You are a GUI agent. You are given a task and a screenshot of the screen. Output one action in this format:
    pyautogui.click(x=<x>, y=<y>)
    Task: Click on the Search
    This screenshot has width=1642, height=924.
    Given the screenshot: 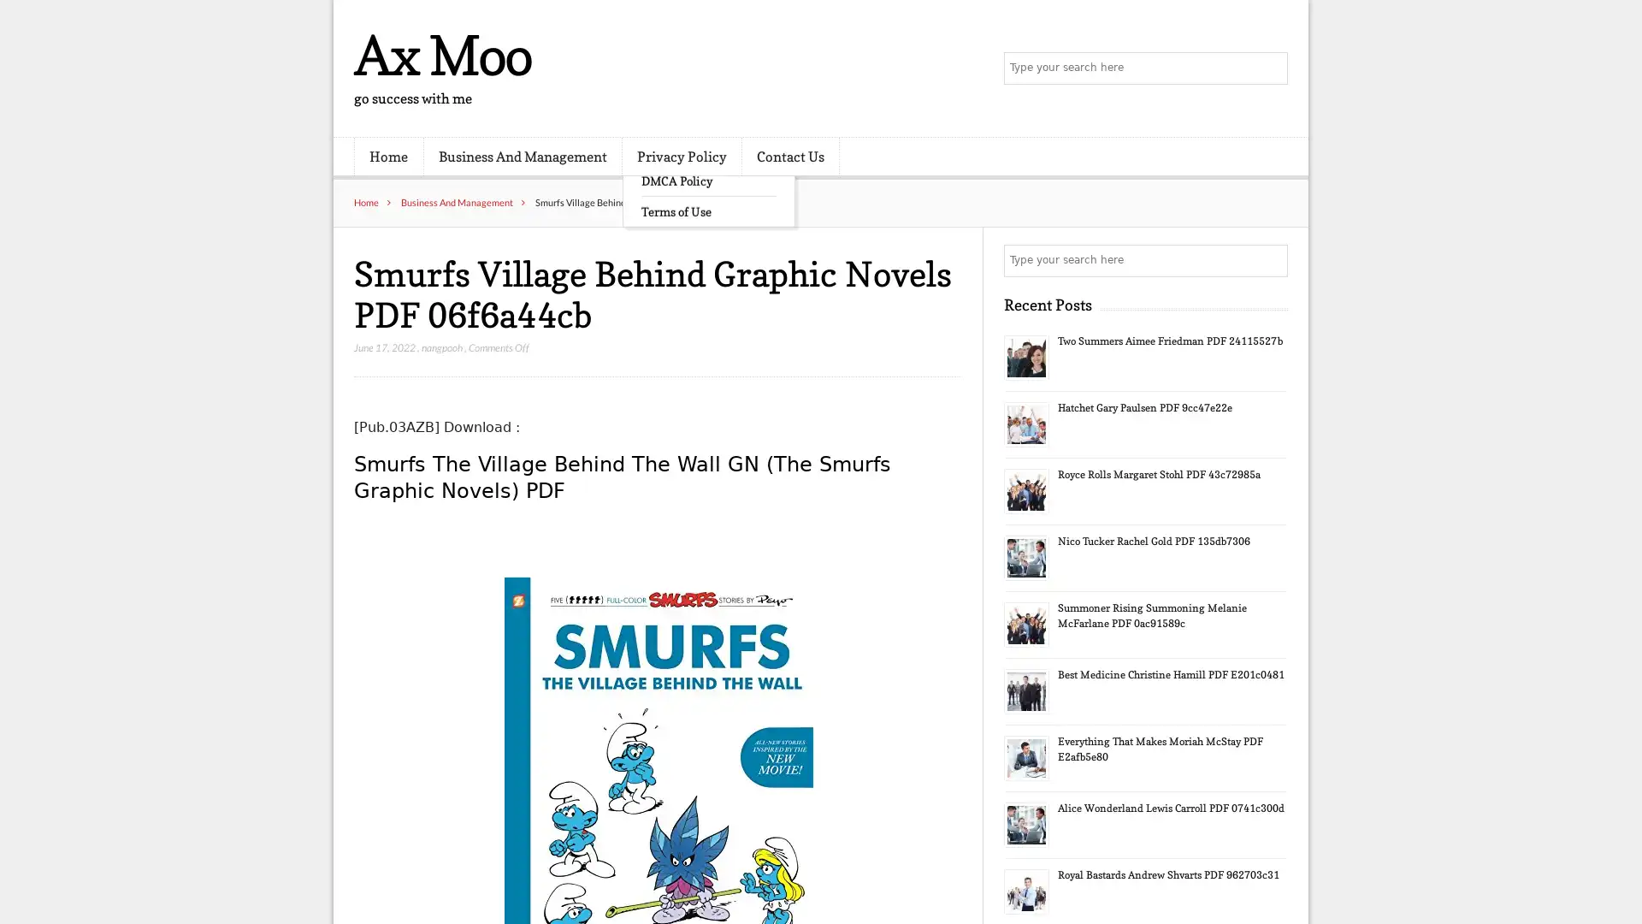 What is the action you would take?
    pyautogui.click(x=1270, y=68)
    